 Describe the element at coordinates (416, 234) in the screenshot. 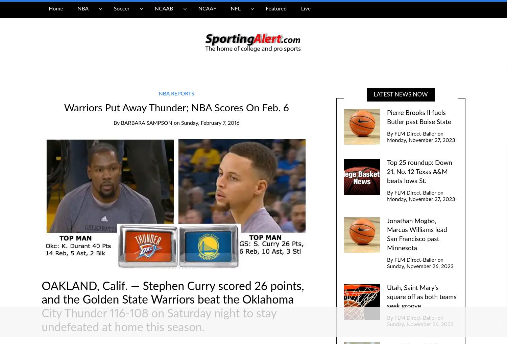

I see `'Jonathan Mogbo, Marcus Williams lead San Francisco past Minnesota'` at that location.